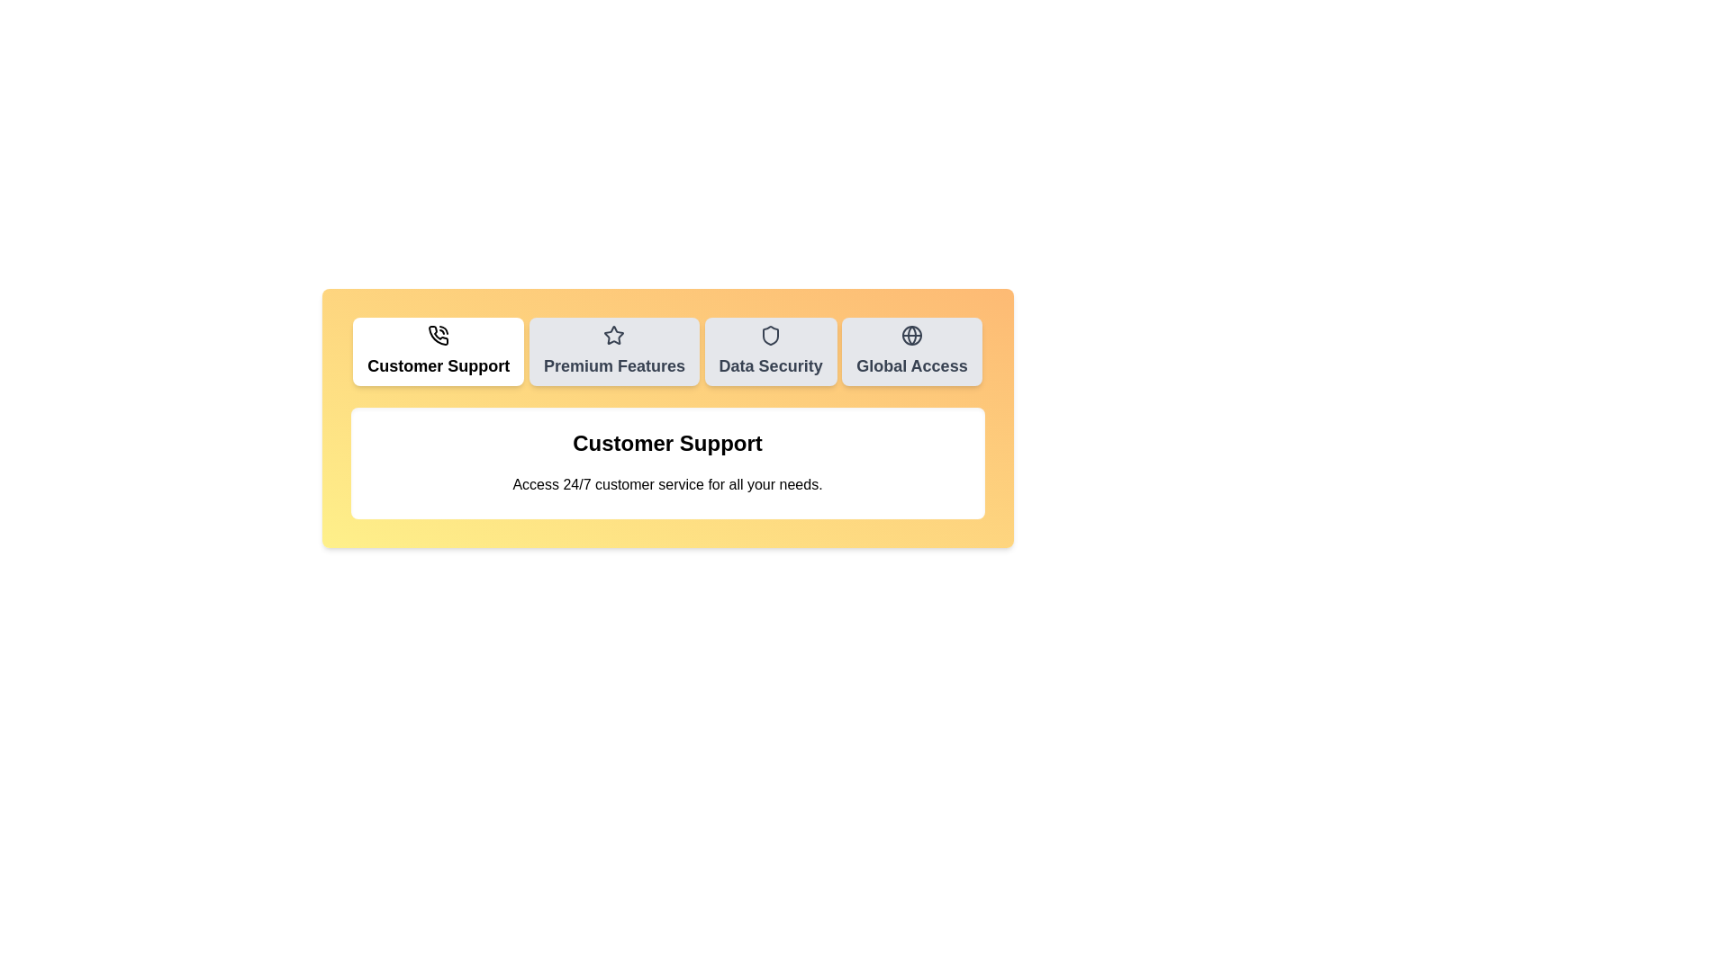 Image resolution: width=1729 pixels, height=972 pixels. What do you see at coordinates (439, 351) in the screenshot?
I see `the Customer Support tab to switch to the corresponding feature` at bounding box center [439, 351].